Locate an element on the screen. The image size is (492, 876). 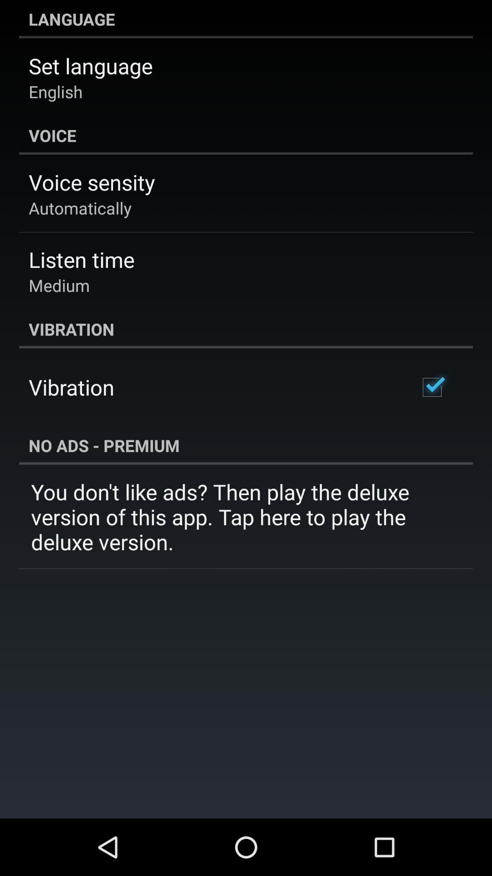
listen time is located at coordinates (81, 259).